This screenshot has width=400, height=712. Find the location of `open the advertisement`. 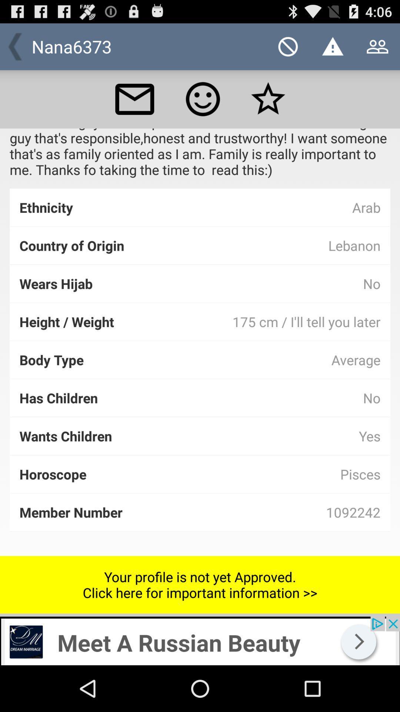

open the advertisement is located at coordinates (200, 640).